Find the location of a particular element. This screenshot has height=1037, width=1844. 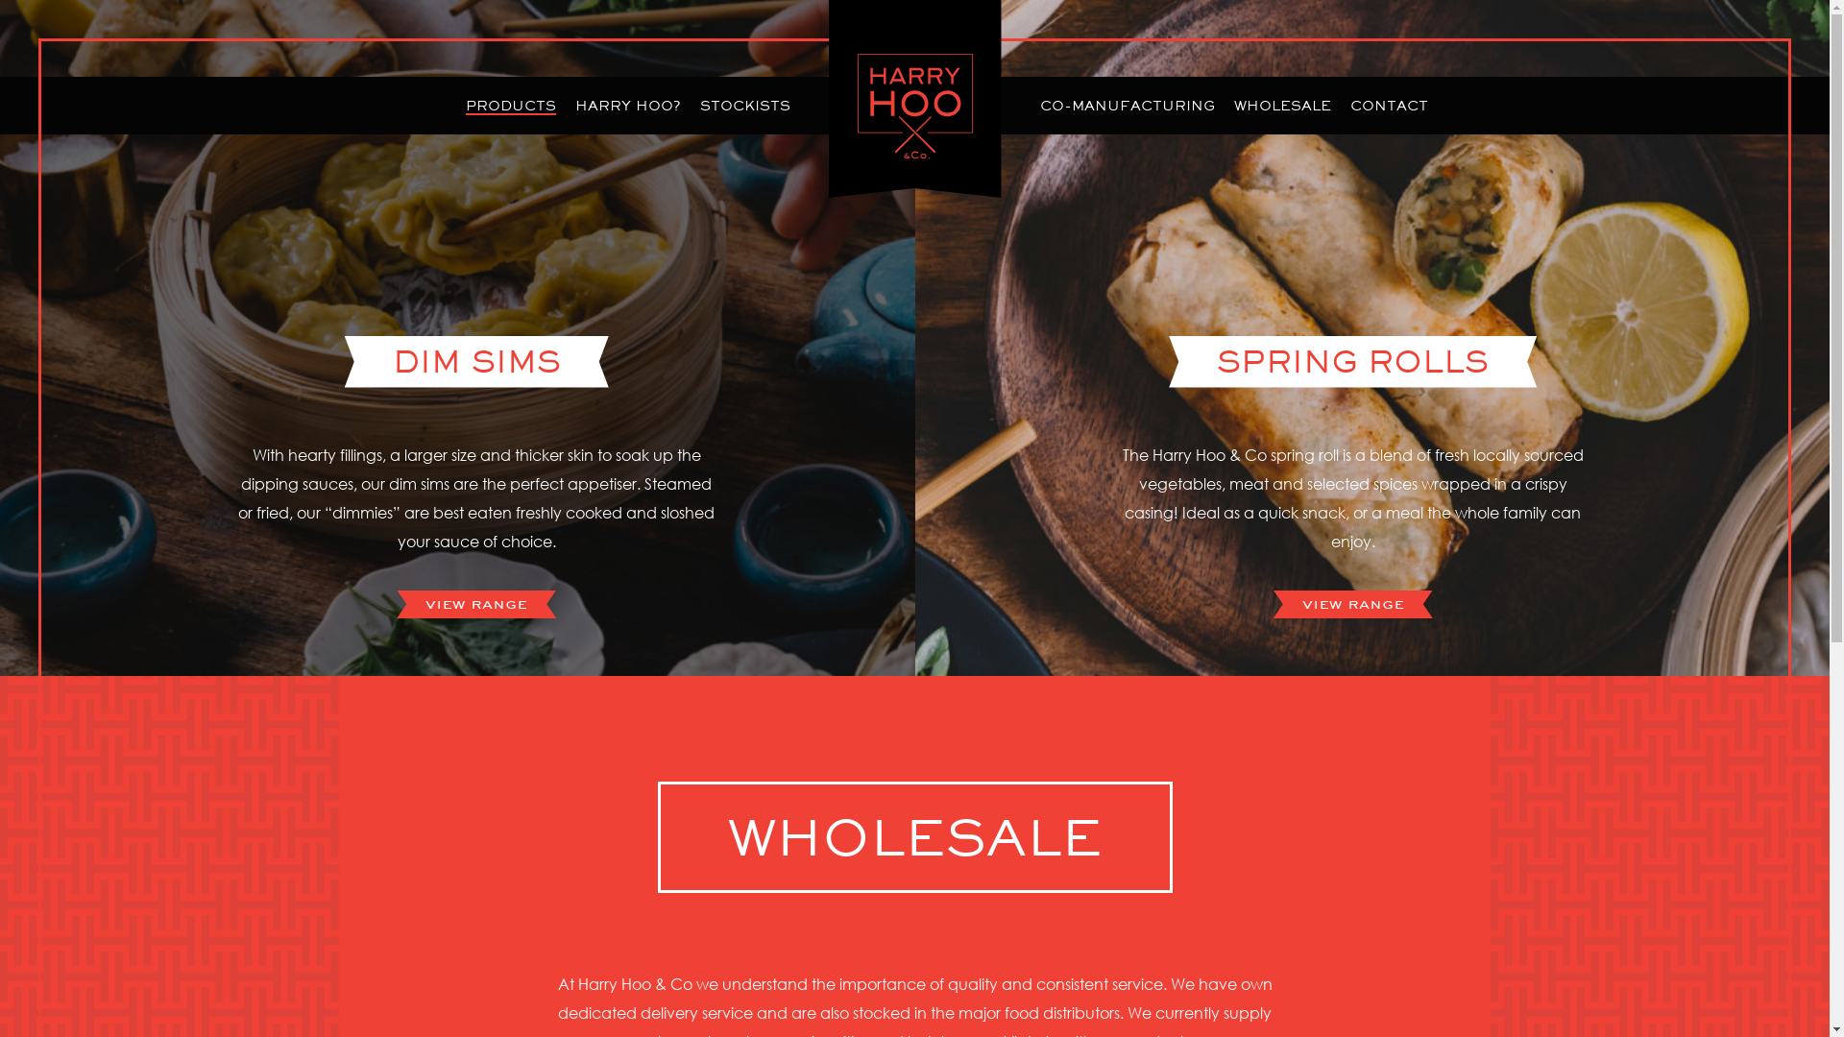

'view range' is located at coordinates (475, 603).